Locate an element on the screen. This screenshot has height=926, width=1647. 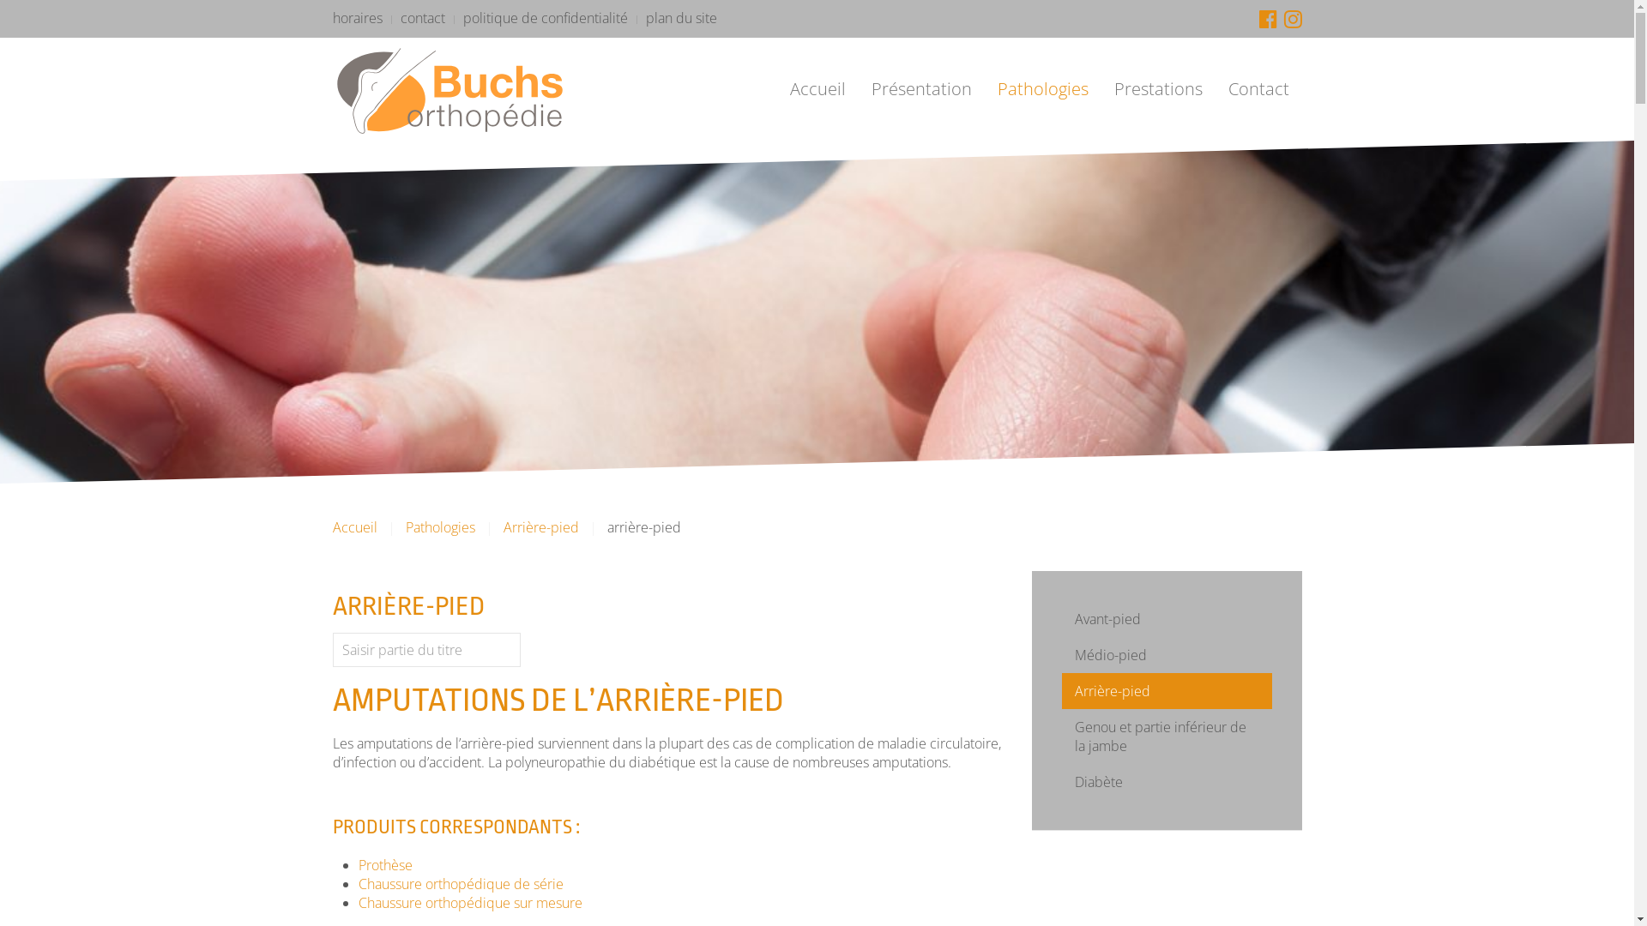
'Contact' is located at coordinates (1258, 89).